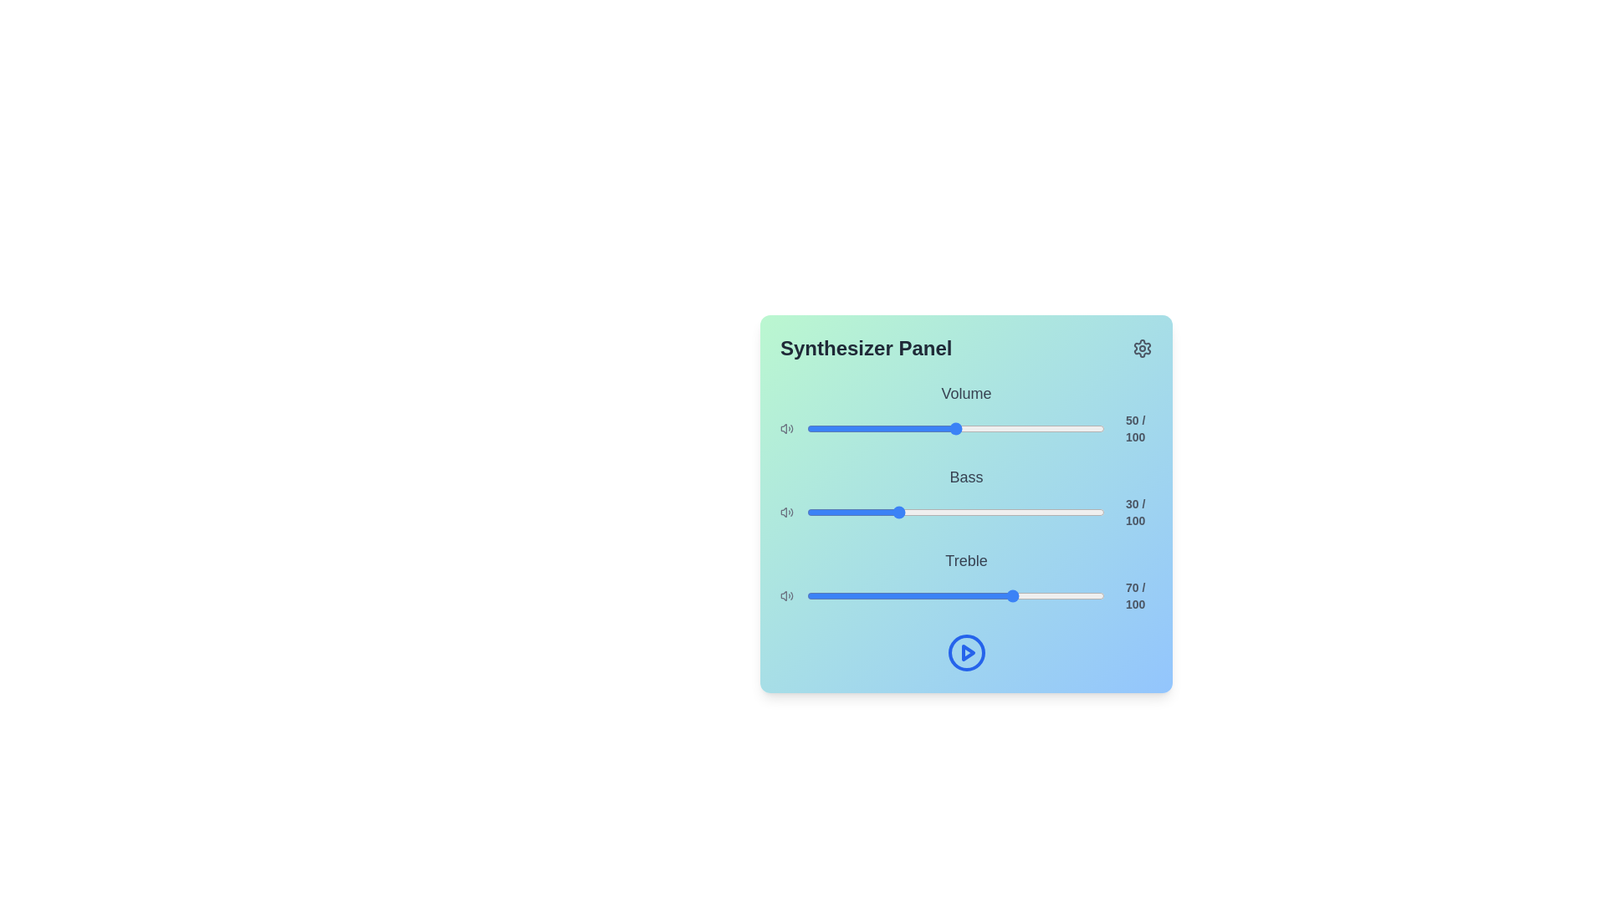 This screenshot has width=1606, height=903. Describe the element at coordinates (949, 595) in the screenshot. I see `the treble slider to 48 value` at that location.